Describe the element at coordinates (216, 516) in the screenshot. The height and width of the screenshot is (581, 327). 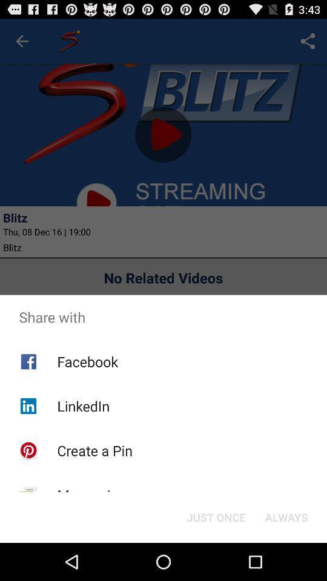
I see `icon next to always` at that location.